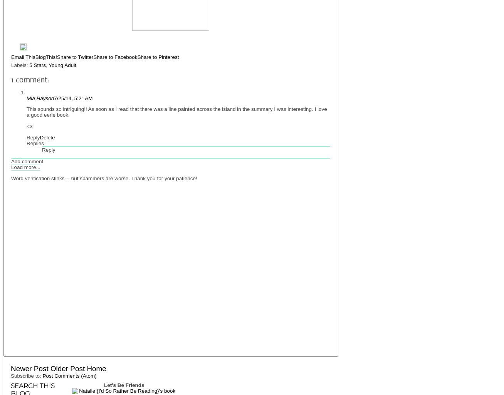 The image size is (504, 395). What do you see at coordinates (37, 65) in the screenshot?
I see `'5 Stars'` at bounding box center [37, 65].